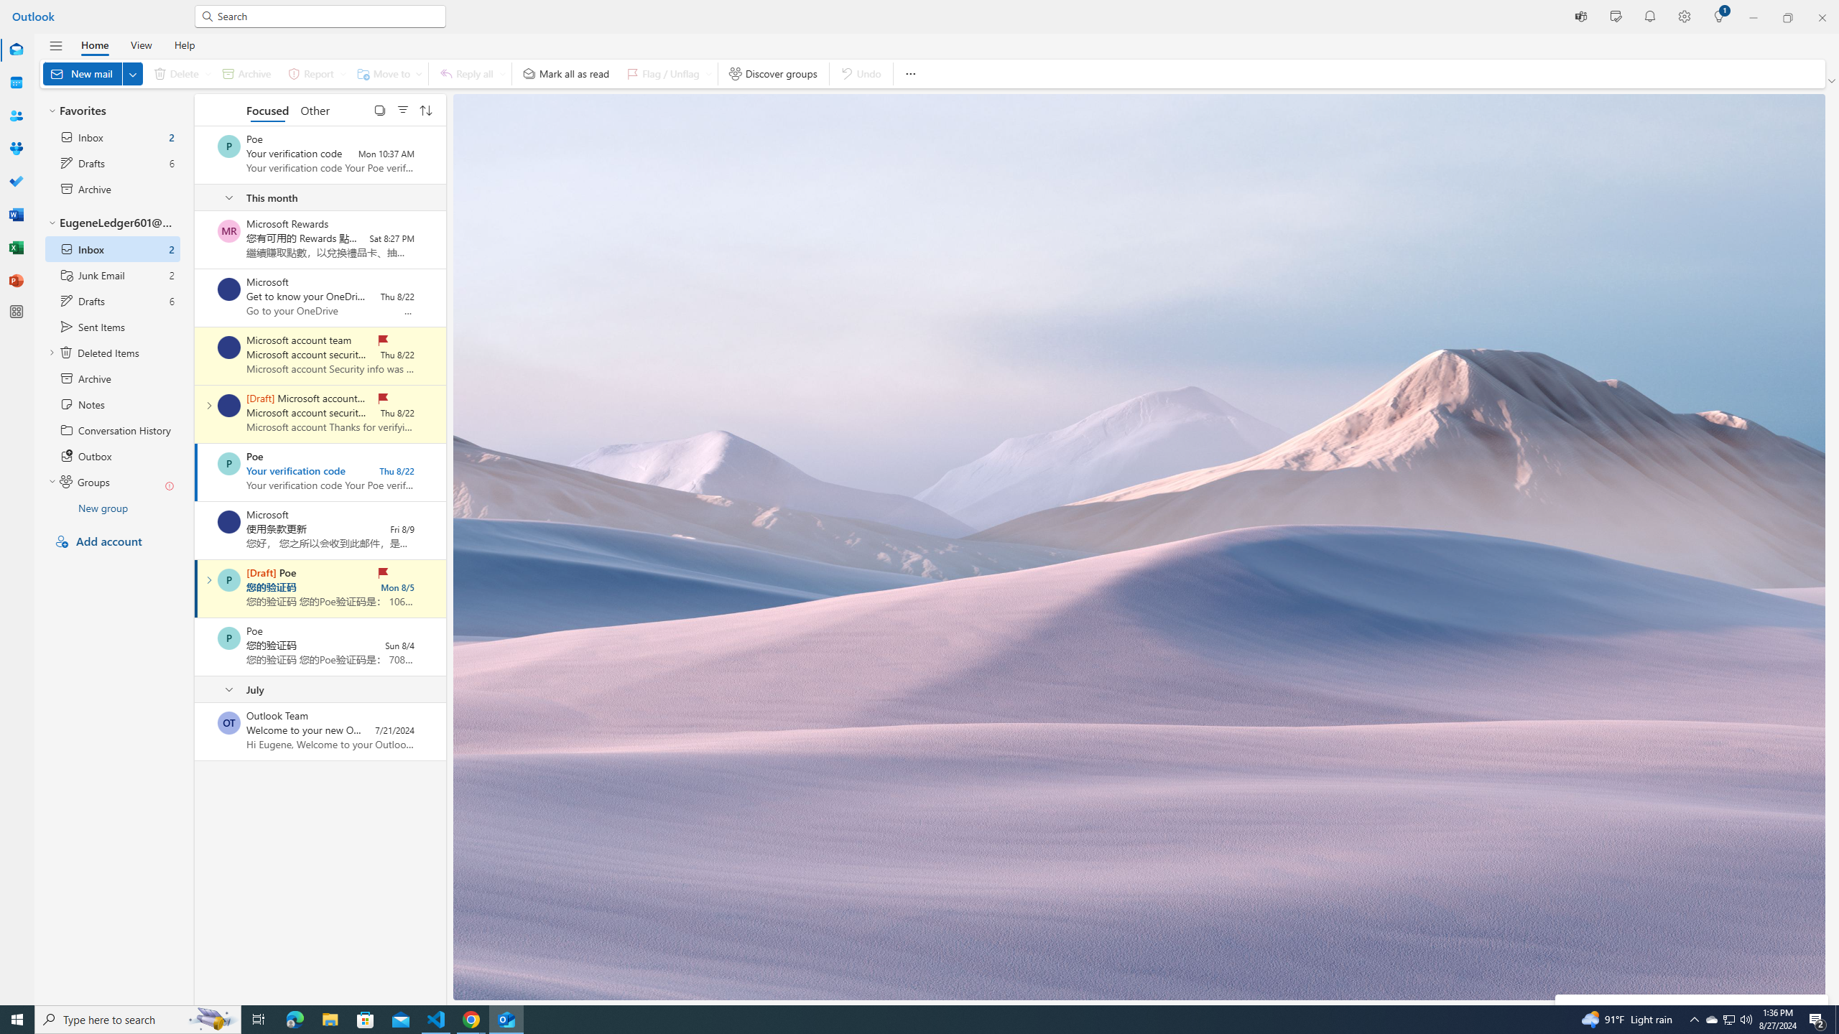 Image resolution: width=1839 pixels, height=1034 pixels. I want to click on 'Select', so click(379, 109).